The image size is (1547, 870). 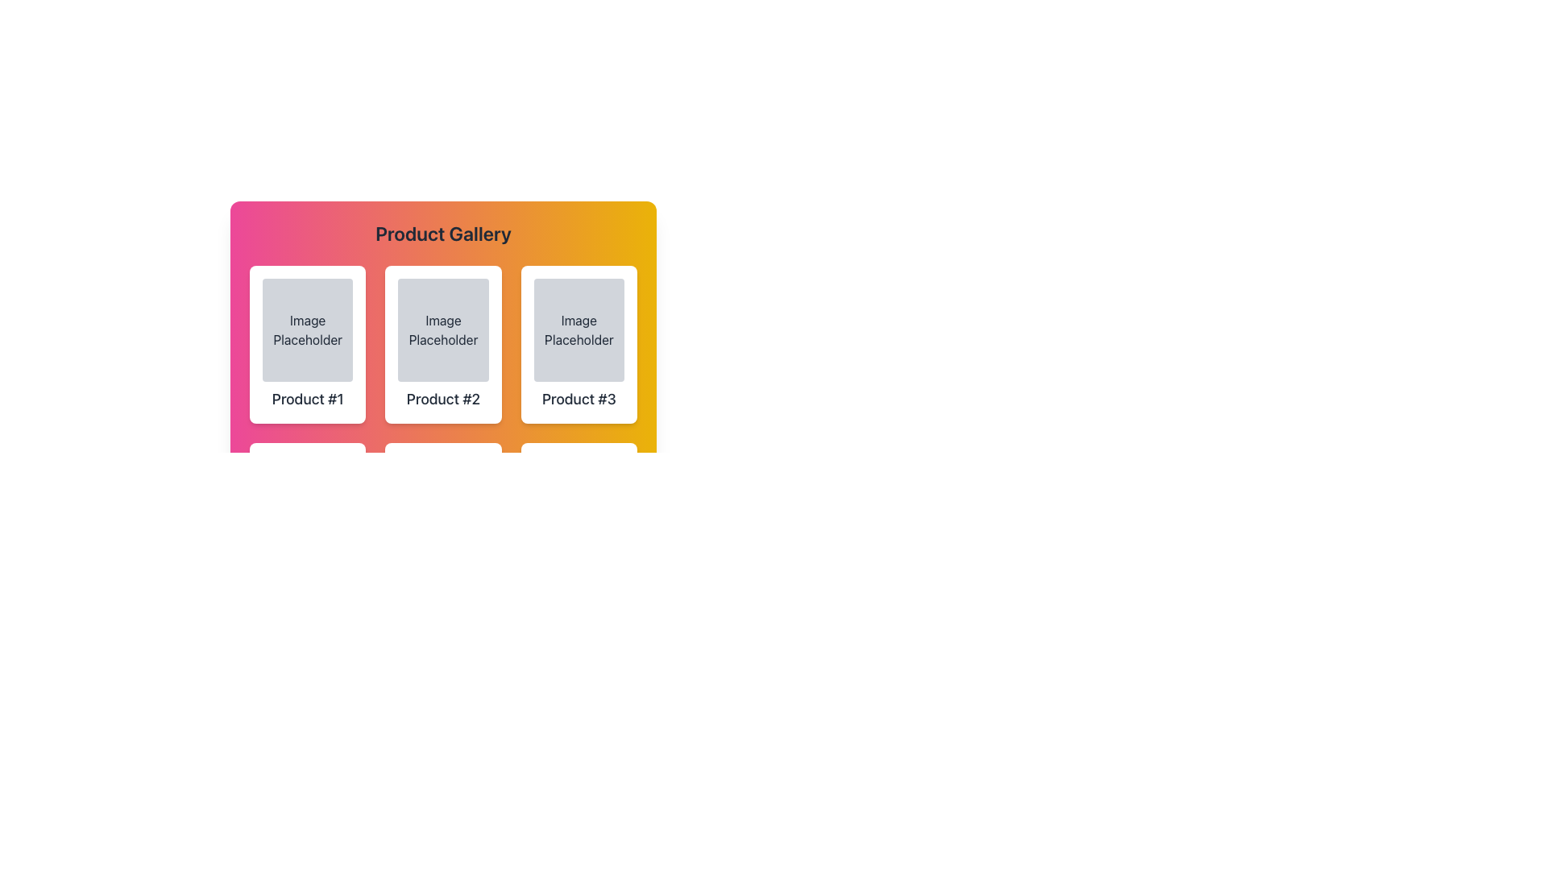 I want to click on the text label displaying 'Product #2', which is positioned below an image placeholder in the second product card, so click(x=443, y=399).